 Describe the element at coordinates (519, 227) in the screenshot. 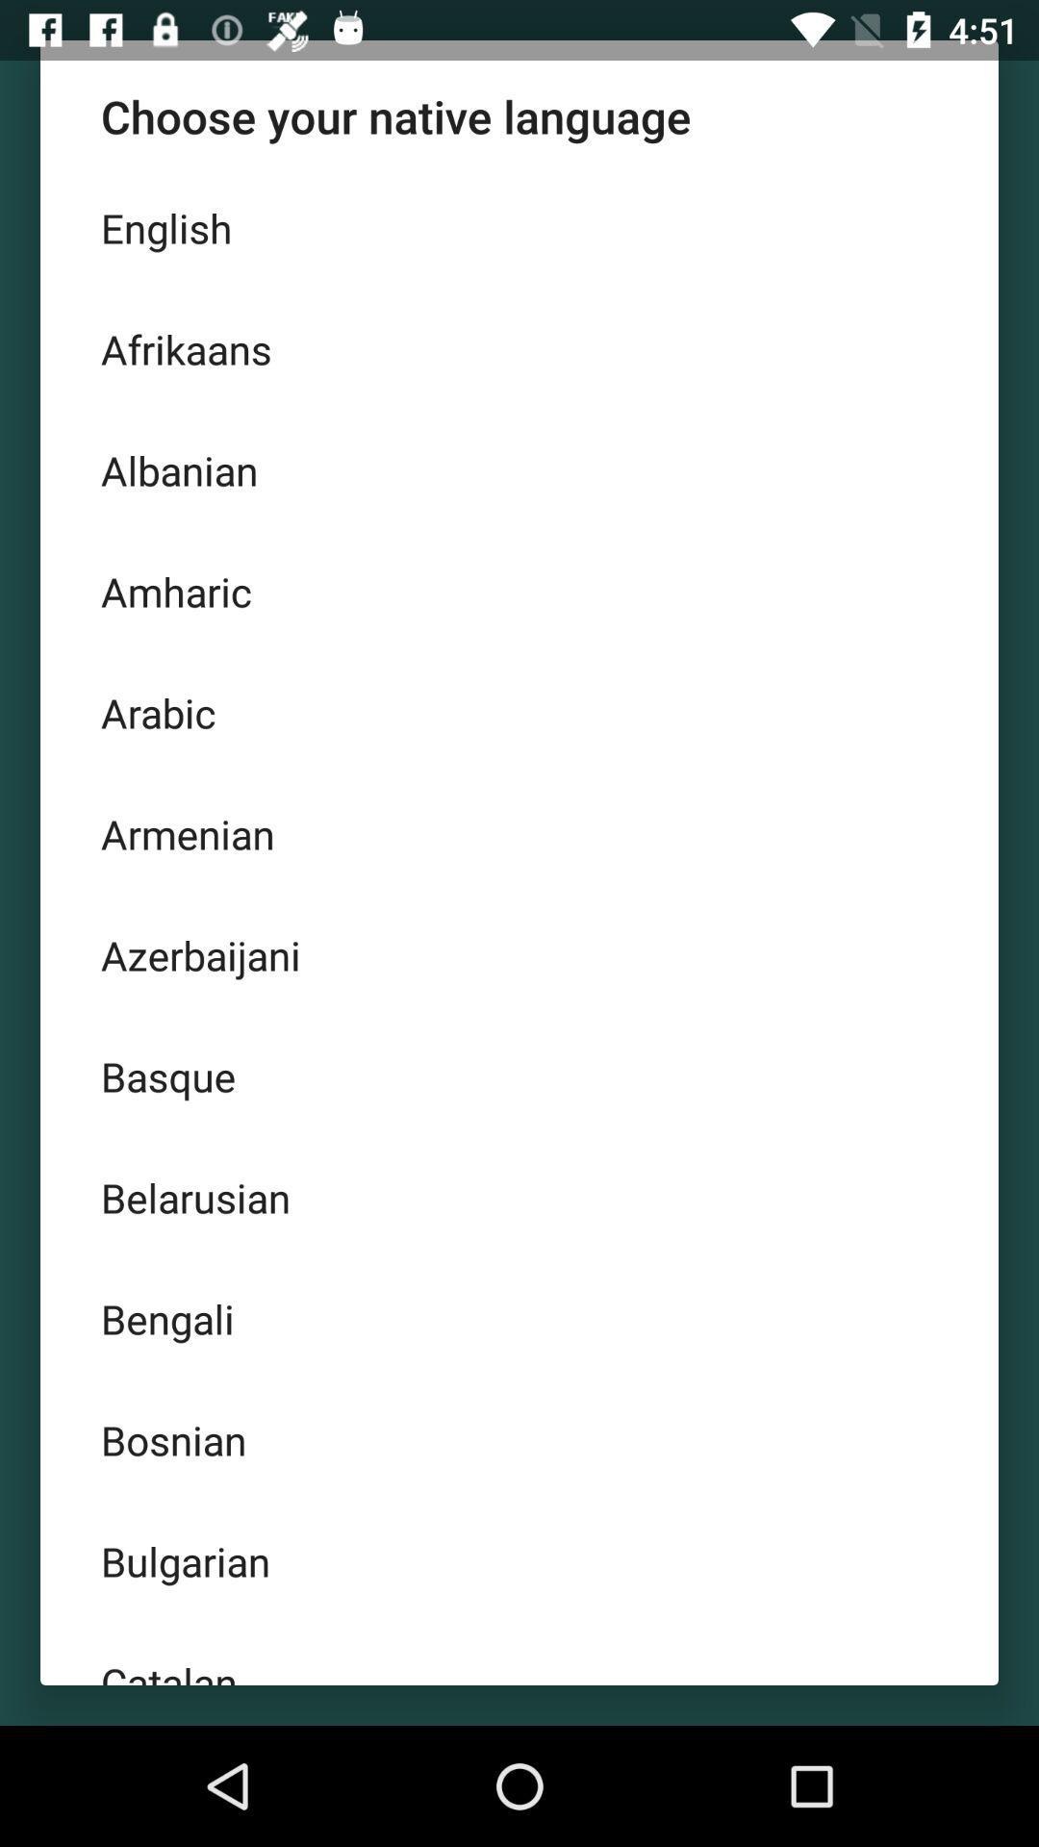

I see `english` at that location.